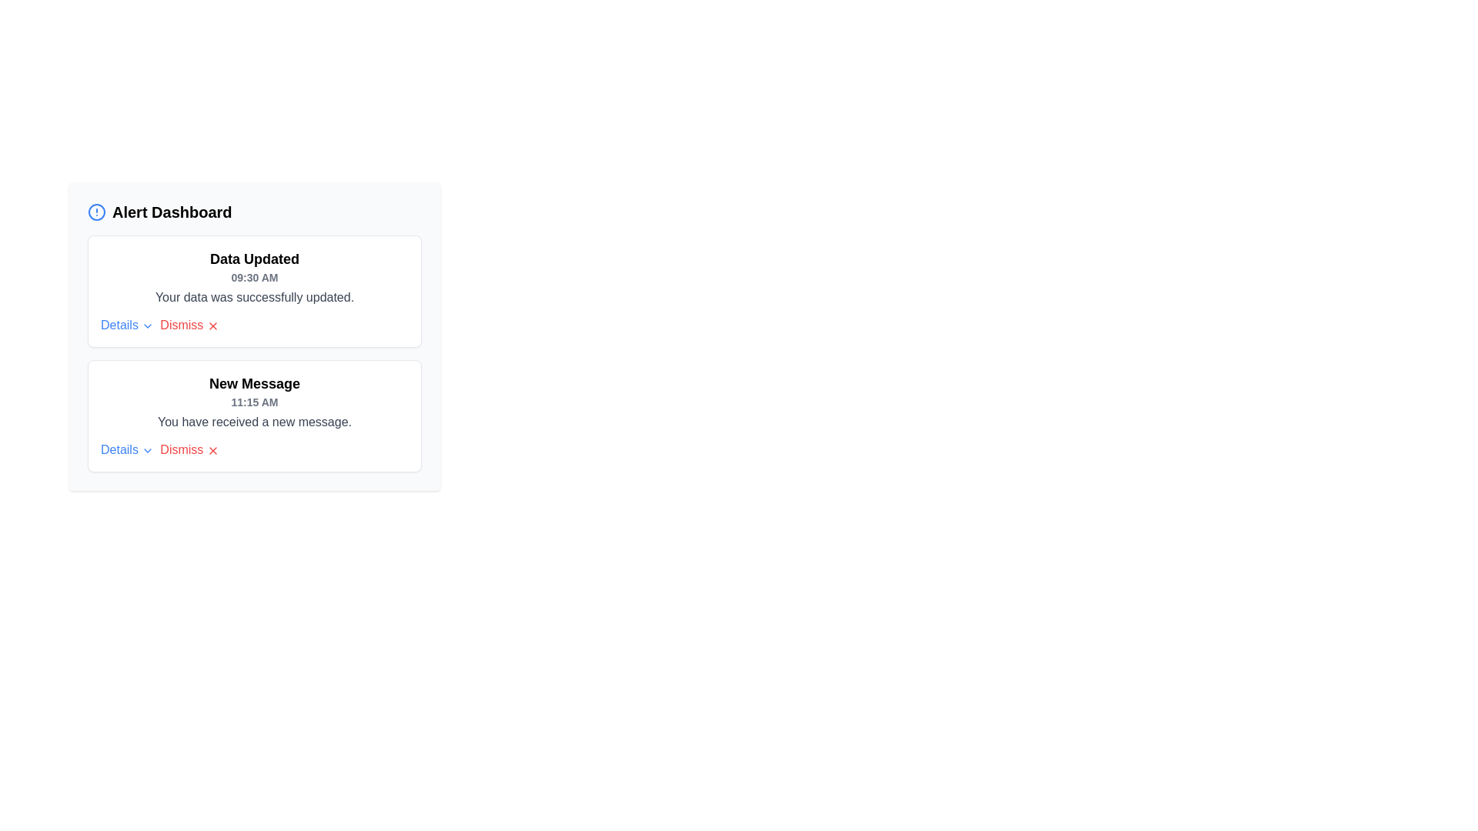  I want to click on the timestamp text located below the 'New Message' title within the 'New Message' notification card, so click(255, 402).